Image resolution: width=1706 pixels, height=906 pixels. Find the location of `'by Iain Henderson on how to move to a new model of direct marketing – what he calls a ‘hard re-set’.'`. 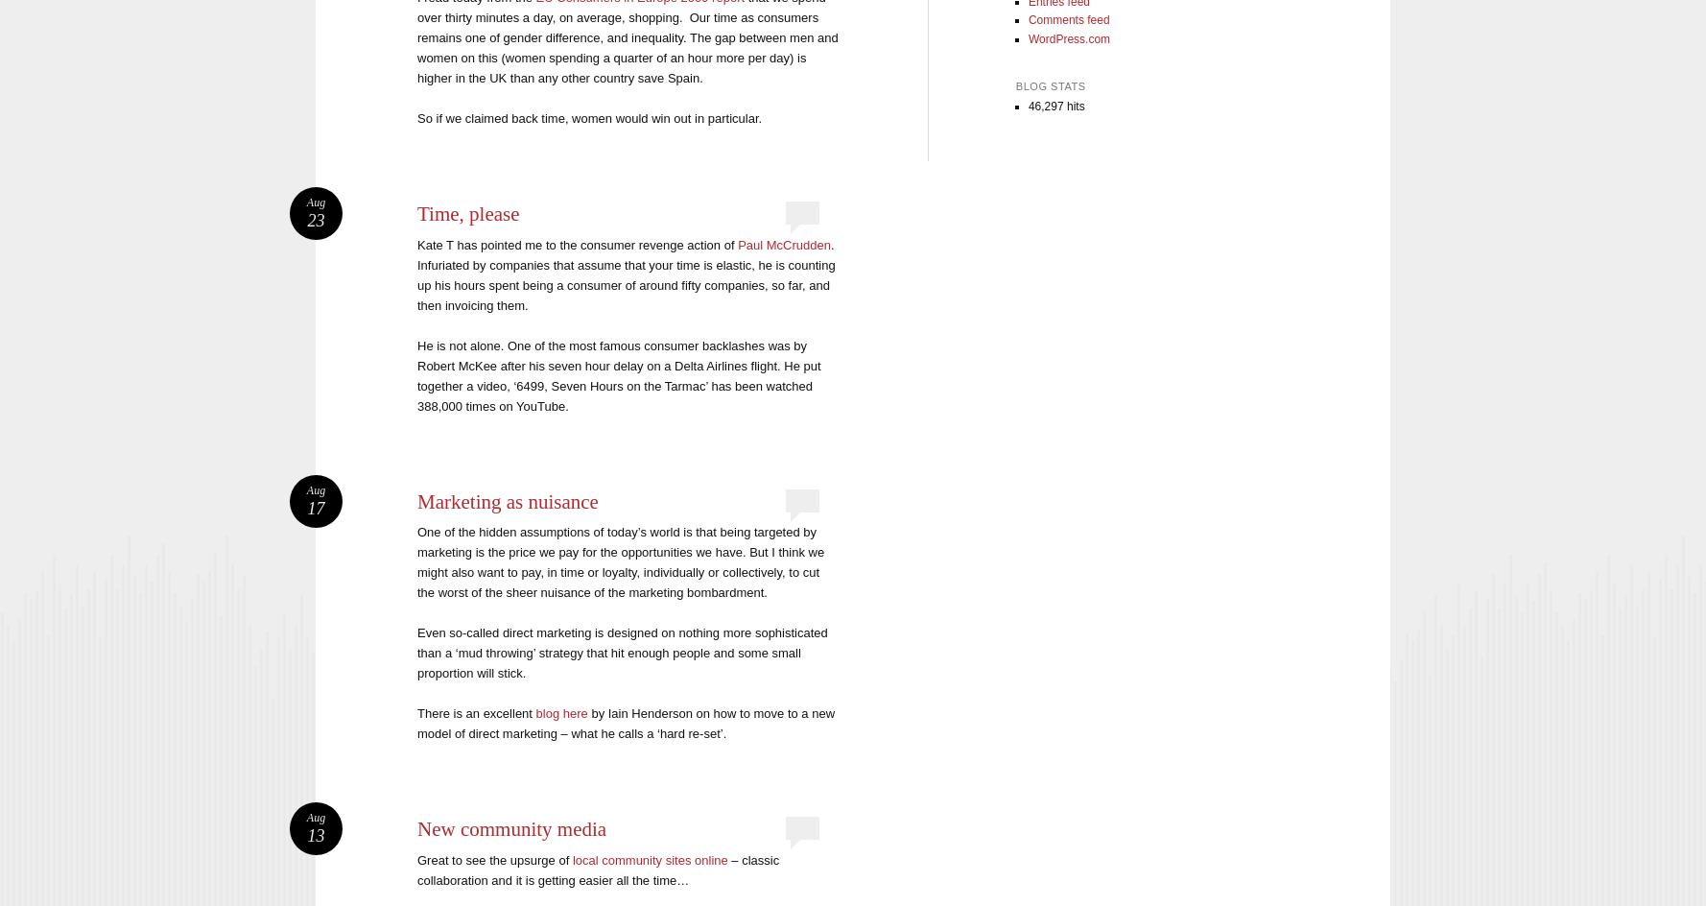

'by Iain Henderson on how to move to a new model of direct marketing – what he calls a ‘hard re-set’.' is located at coordinates (417, 723).